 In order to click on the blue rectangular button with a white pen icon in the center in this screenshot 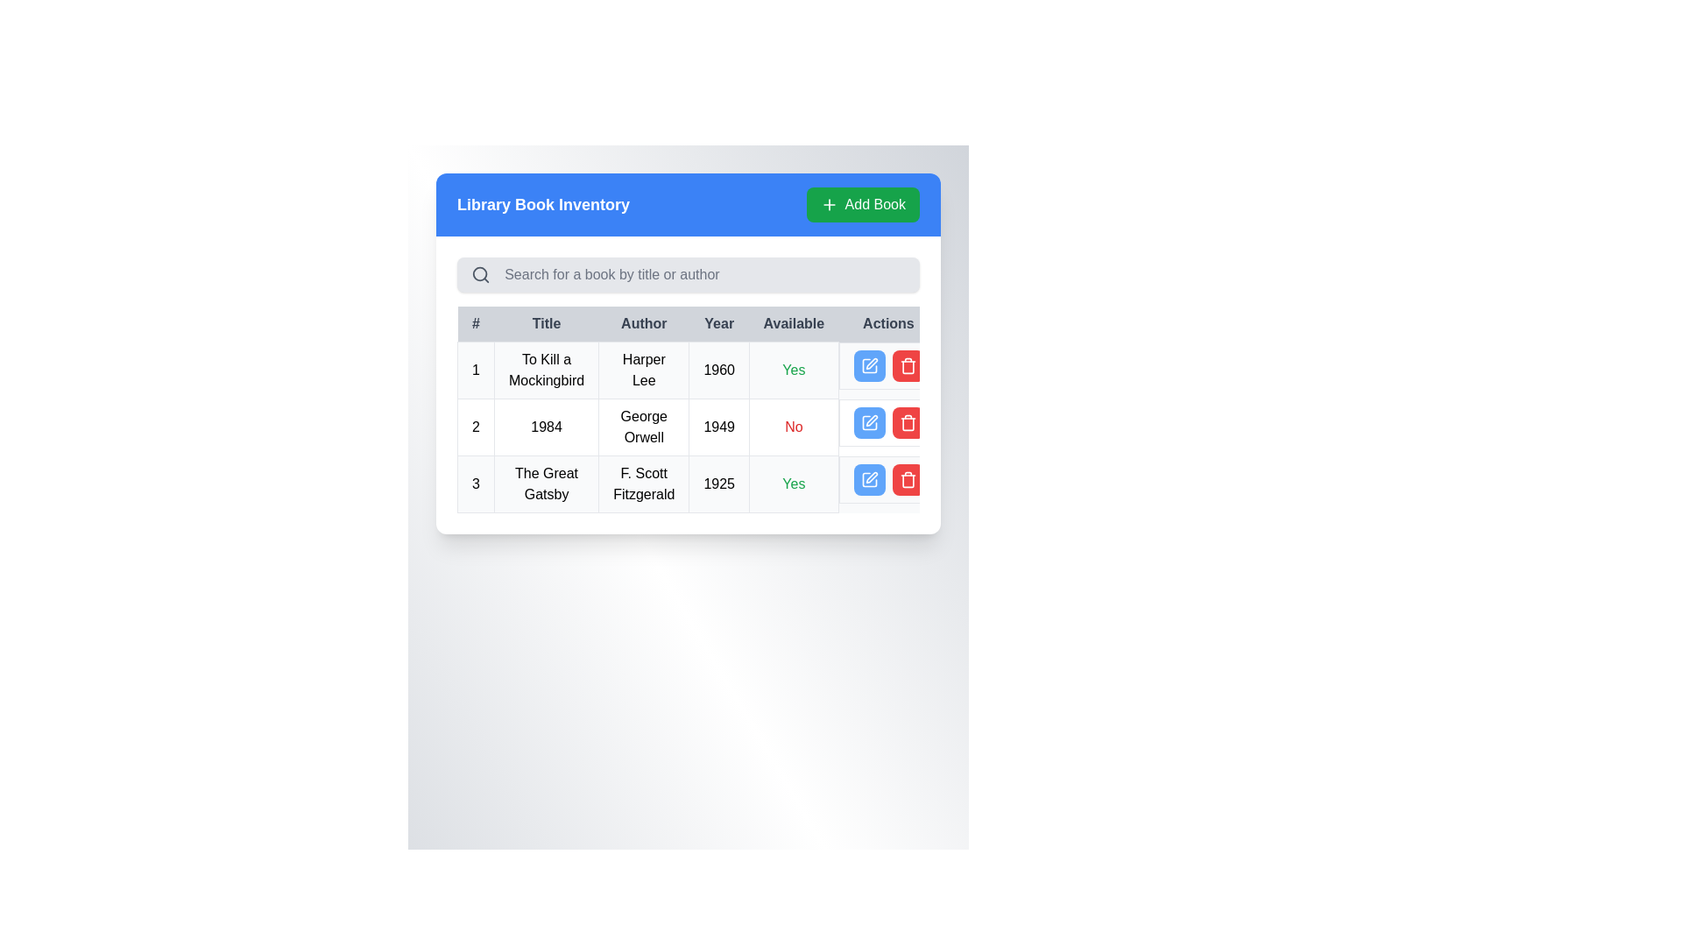, I will do `click(869, 422)`.